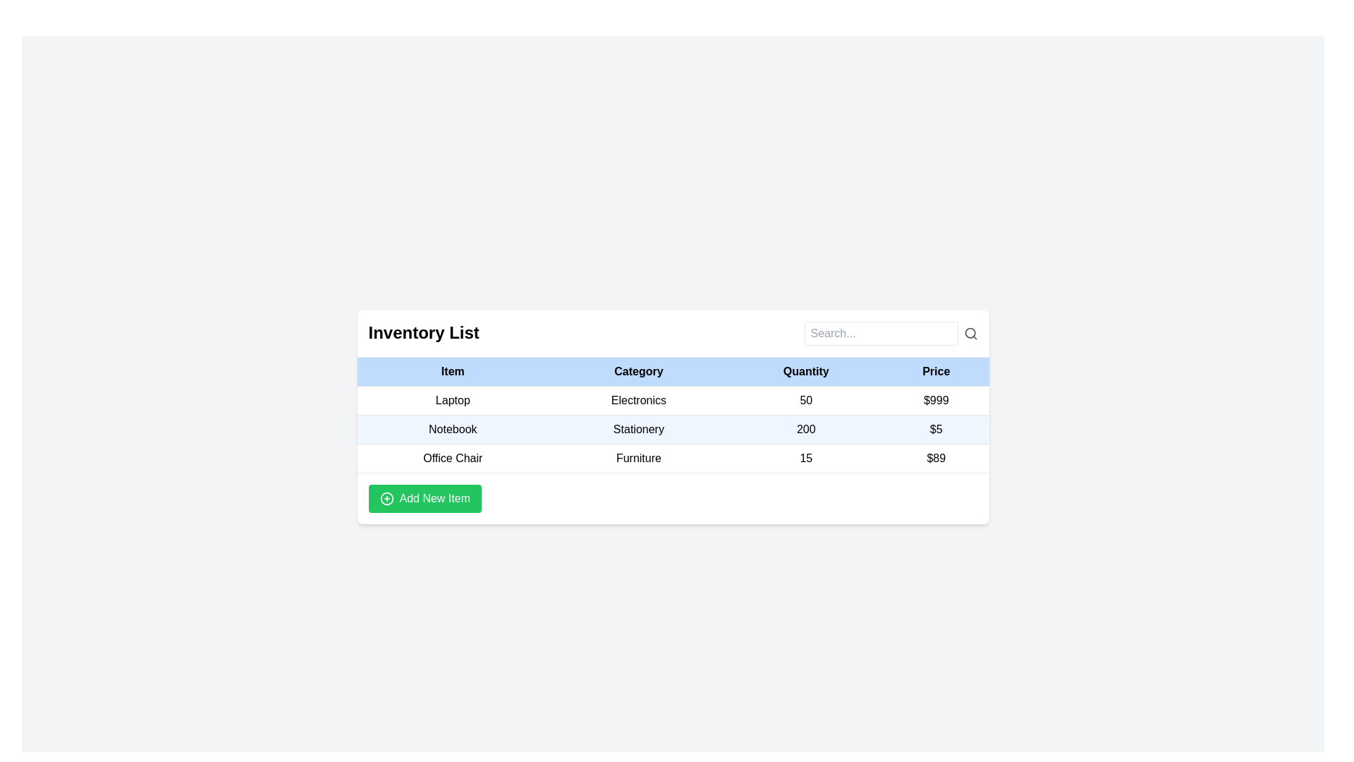  Describe the element at coordinates (970, 333) in the screenshot. I see `the magnifying glass icon located in the top-right corner of the content area to initiate a search query` at that location.